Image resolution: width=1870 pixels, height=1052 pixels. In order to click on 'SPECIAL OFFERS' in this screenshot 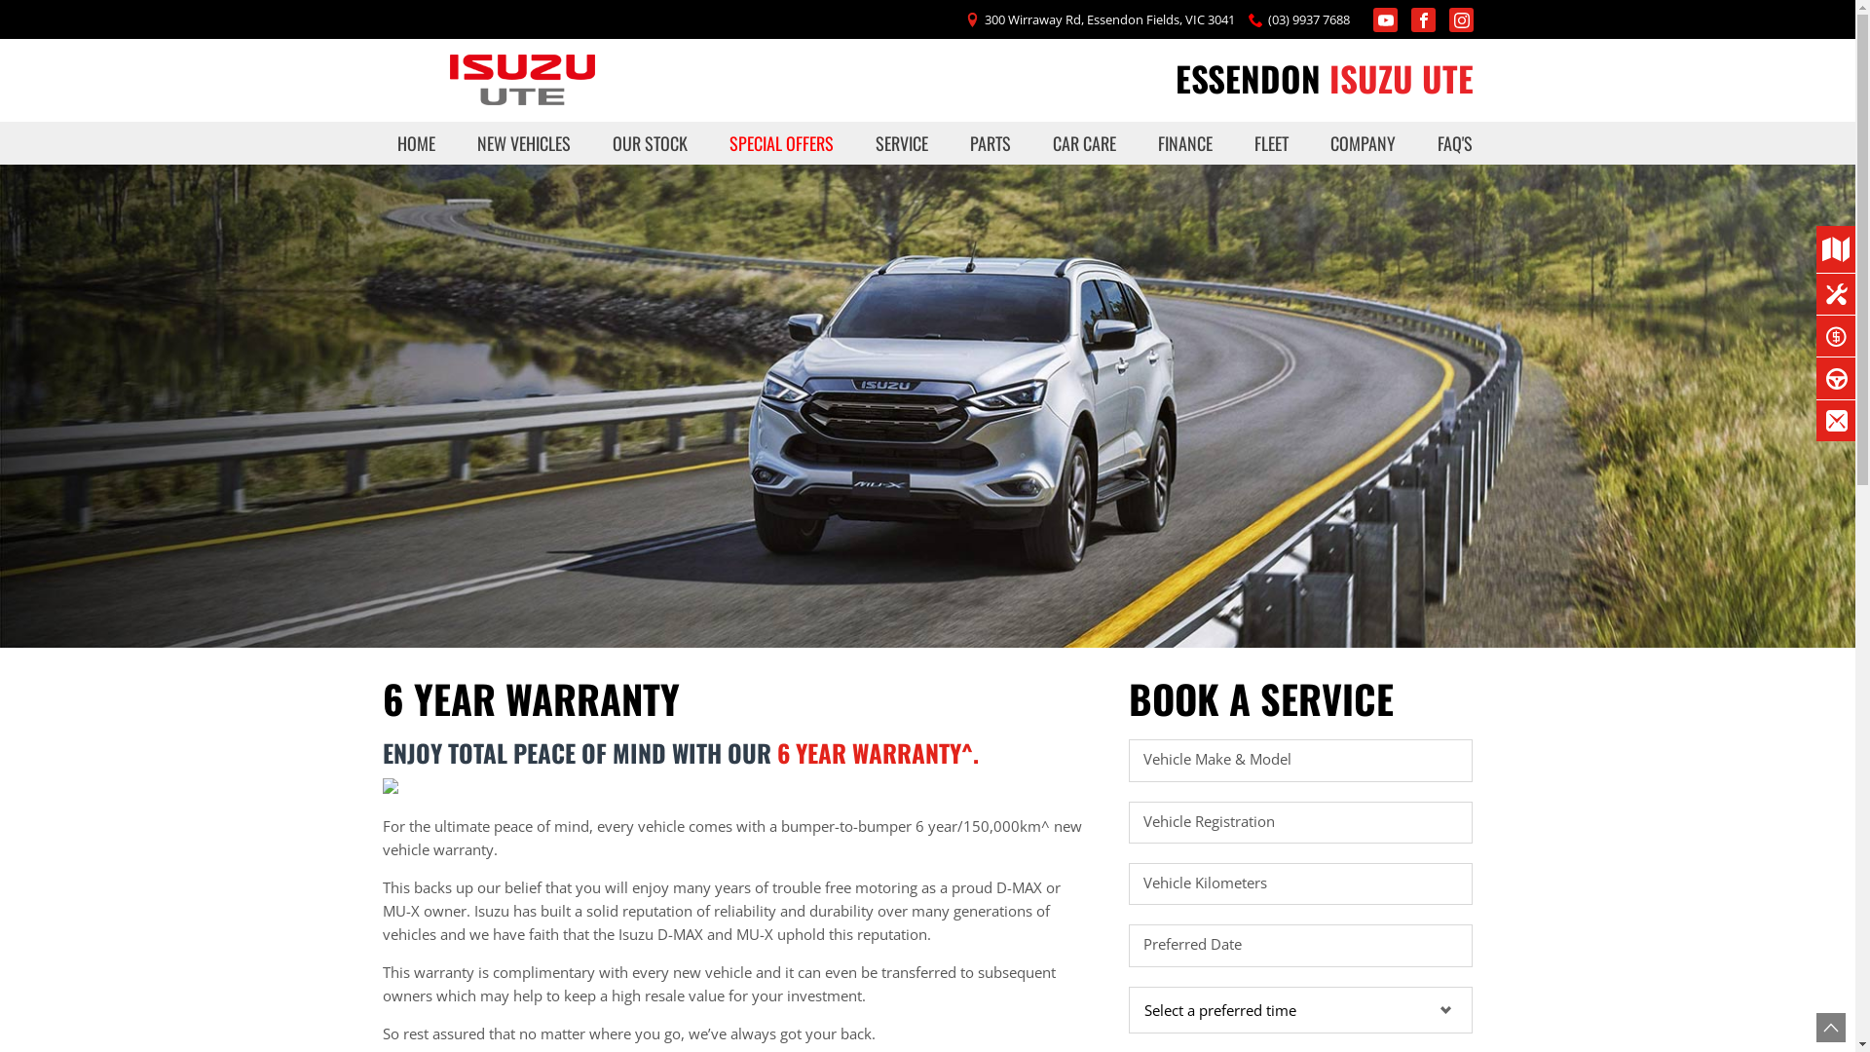, I will do `click(781, 141)`.